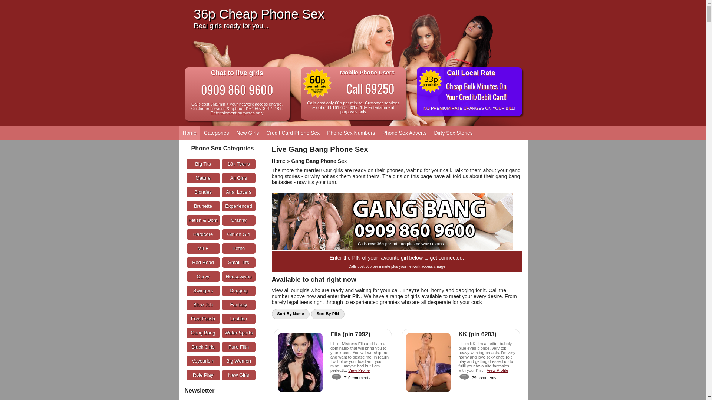 The image size is (712, 400). I want to click on 'Fetish & Dom', so click(203, 220).